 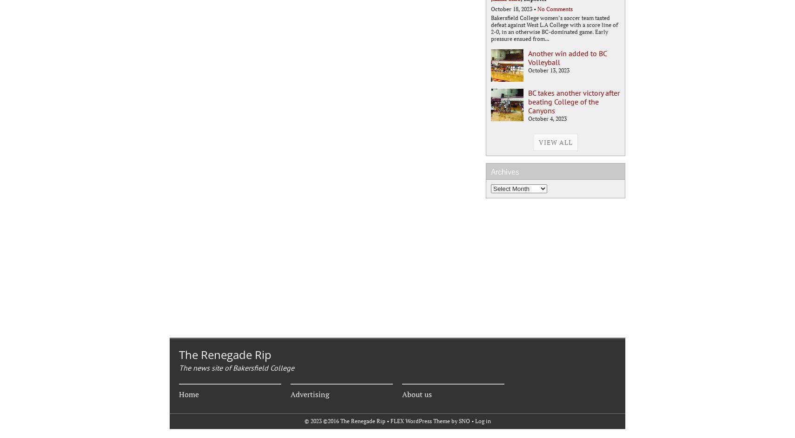 What do you see at coordinates (419, 420) in the screenshot?
I see `'FLEX WordPress Theme'` at bounding box center [419, 420].